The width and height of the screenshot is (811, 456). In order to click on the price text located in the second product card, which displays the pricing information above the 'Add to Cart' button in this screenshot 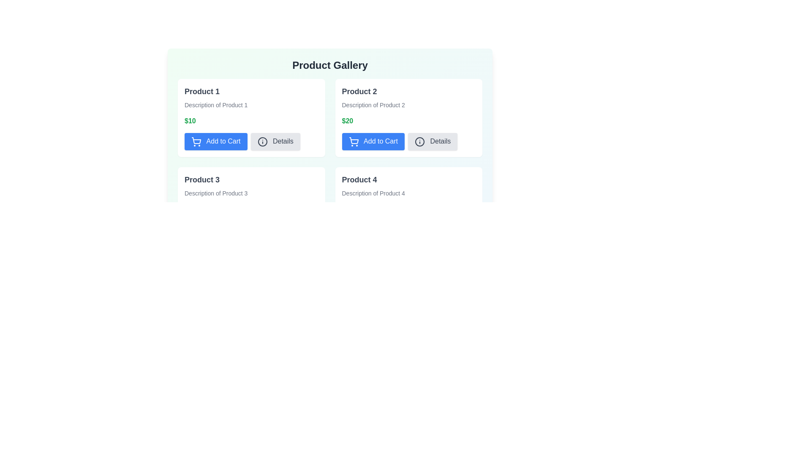, I will do `click(347, 121)`.